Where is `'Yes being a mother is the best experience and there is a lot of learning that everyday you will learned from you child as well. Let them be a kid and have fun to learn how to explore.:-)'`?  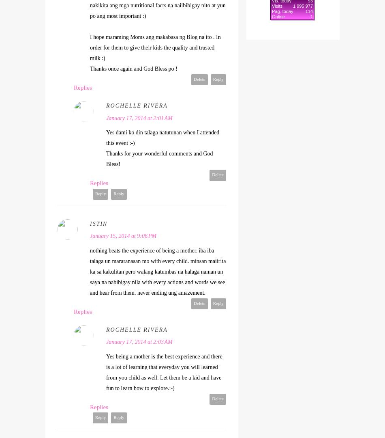 'Yes being a mother is the best experience and there is a lot of learning that everyday you will learned from you child as well. Let them be a kid and have fun to learn how to explore.:-)' is located at coordinates (163, 372).